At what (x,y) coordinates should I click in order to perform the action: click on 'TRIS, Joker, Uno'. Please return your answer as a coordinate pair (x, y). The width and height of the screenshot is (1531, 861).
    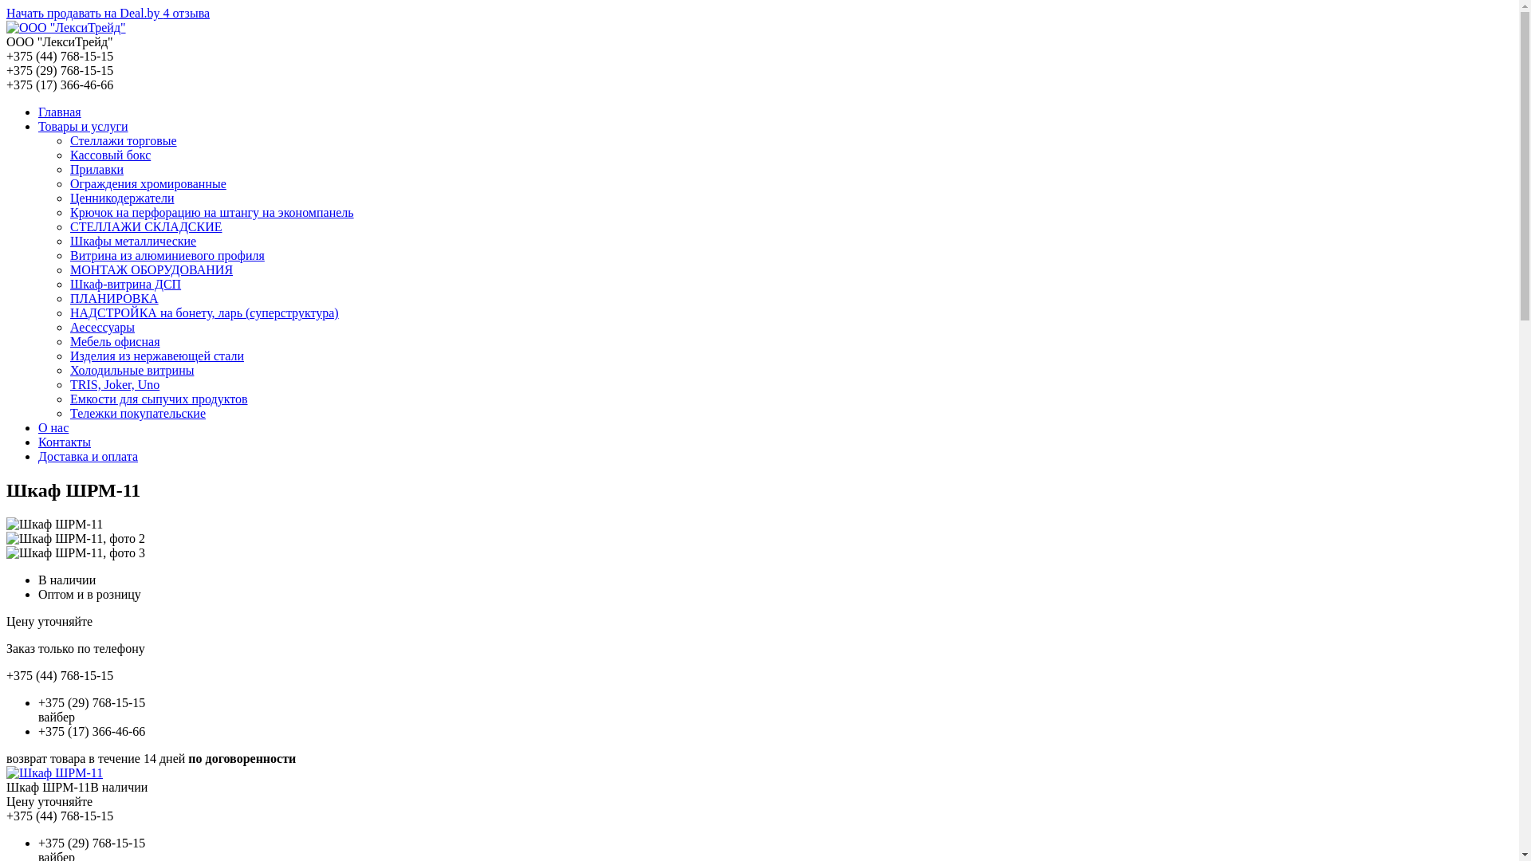
    Looking at the image, I should click on (114, 384).